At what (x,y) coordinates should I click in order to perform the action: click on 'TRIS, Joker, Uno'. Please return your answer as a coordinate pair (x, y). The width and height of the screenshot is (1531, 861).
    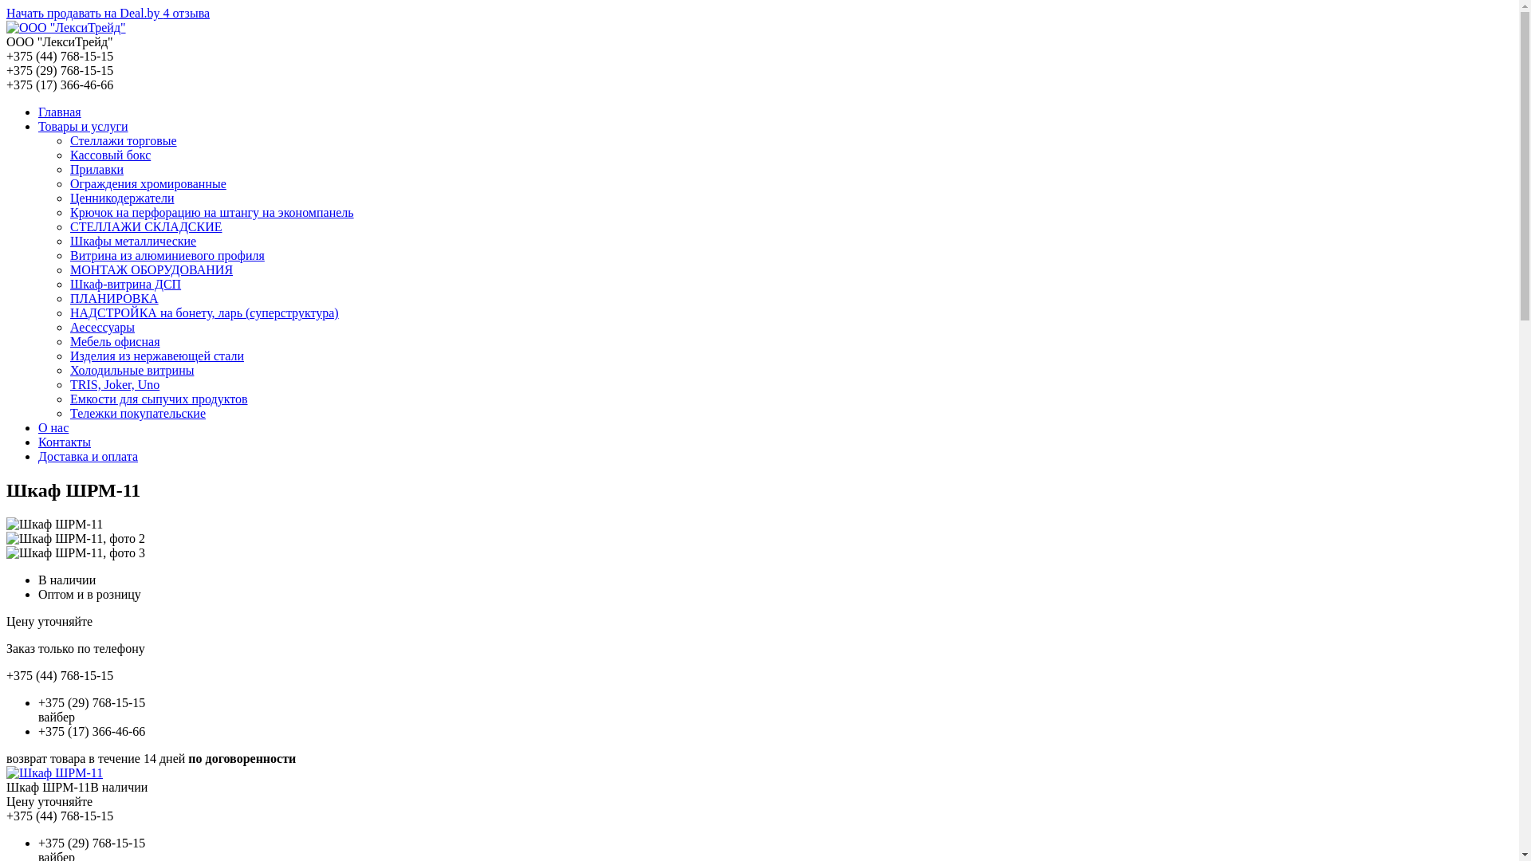
    Looking at the image, I should click on (114, 384).